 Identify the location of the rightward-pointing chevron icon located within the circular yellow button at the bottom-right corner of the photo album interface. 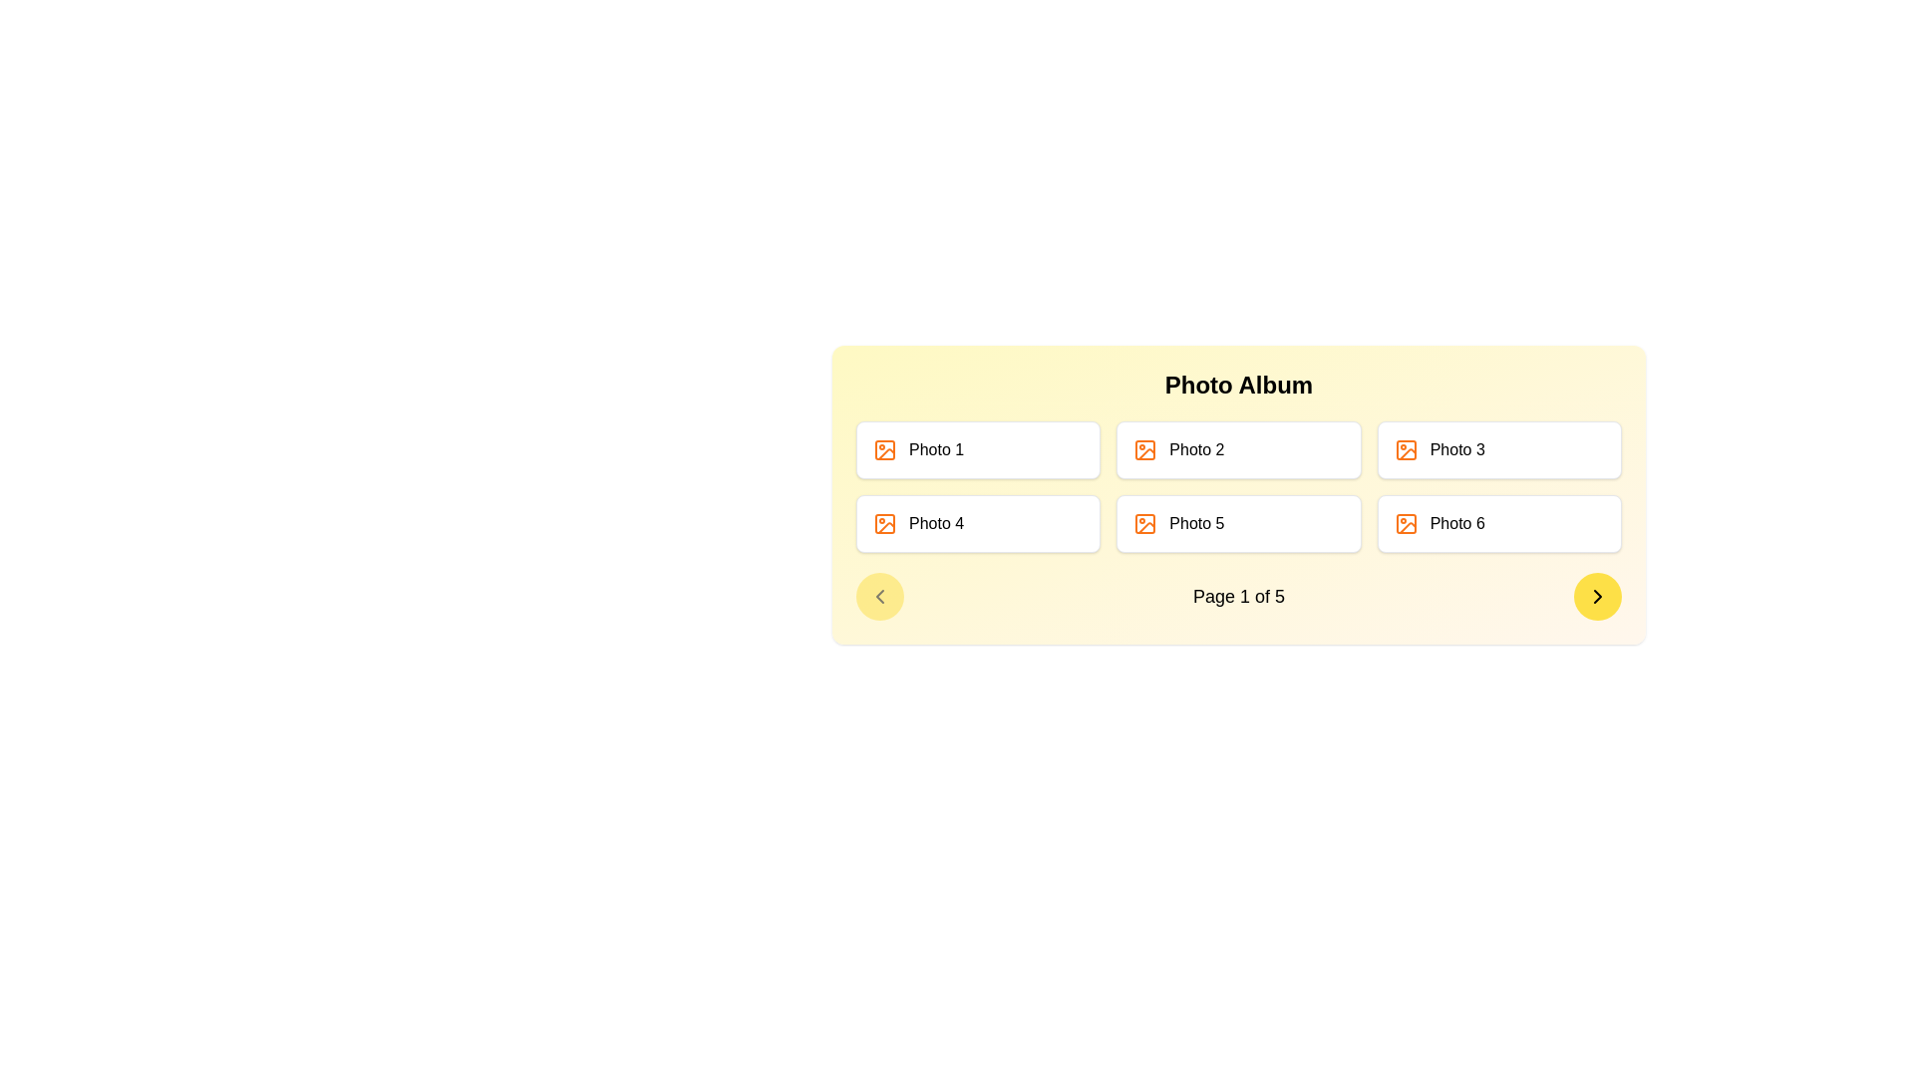
(1598, 595).